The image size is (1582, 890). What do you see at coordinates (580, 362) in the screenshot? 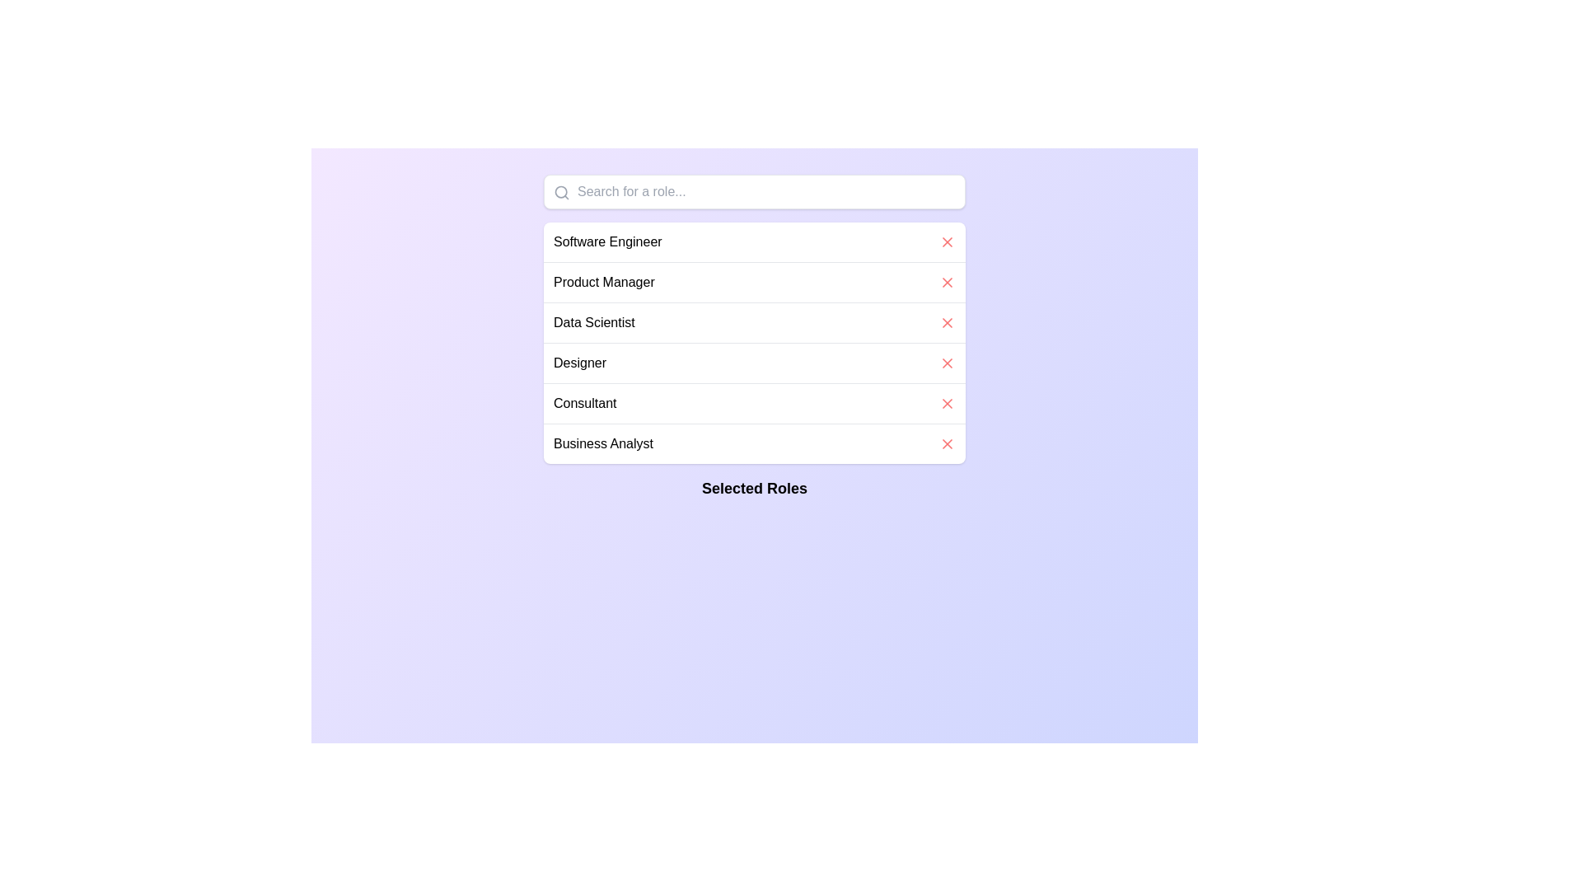
I see `the text label 'Designer' which is displayed in black within a horizontal list, located in the fourth row of a vertical list` at bounding box center [580, 362].